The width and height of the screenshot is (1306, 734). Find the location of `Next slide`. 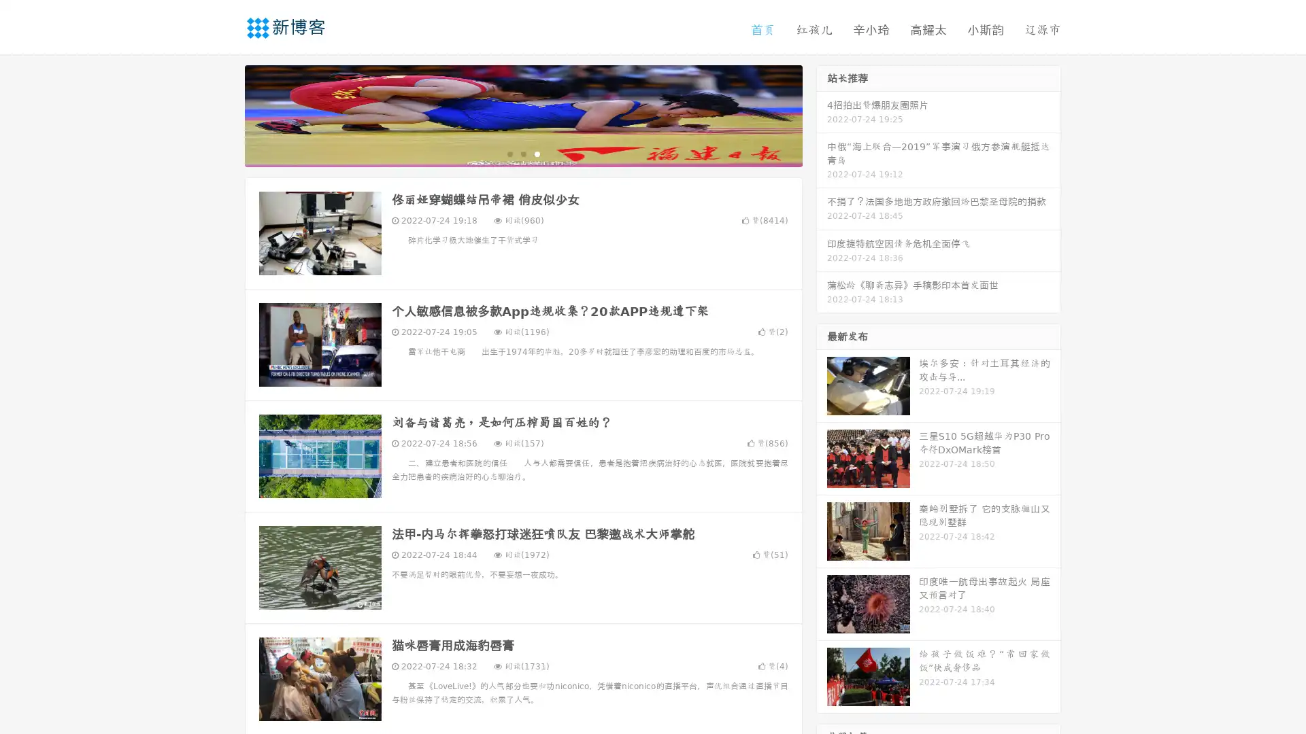

Next slide is located at coordinates (822, 114).